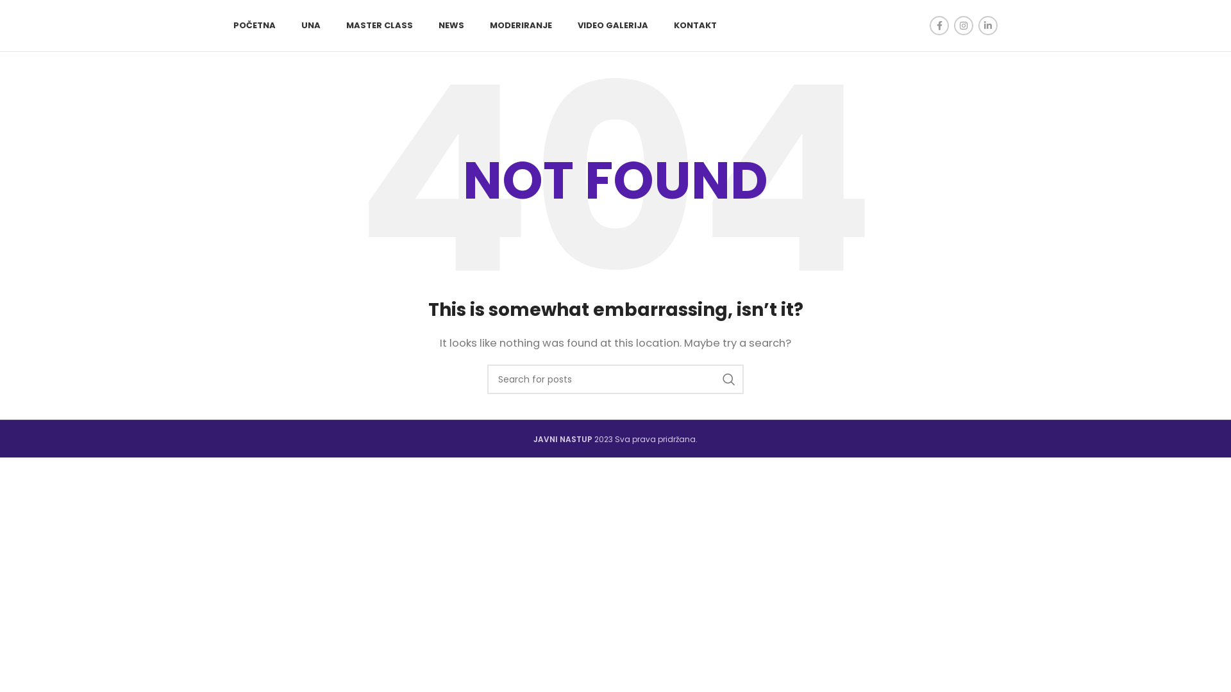 This screenshot has height=692, width=1231. I want to click on 'SEARCH', so click(729, 378).